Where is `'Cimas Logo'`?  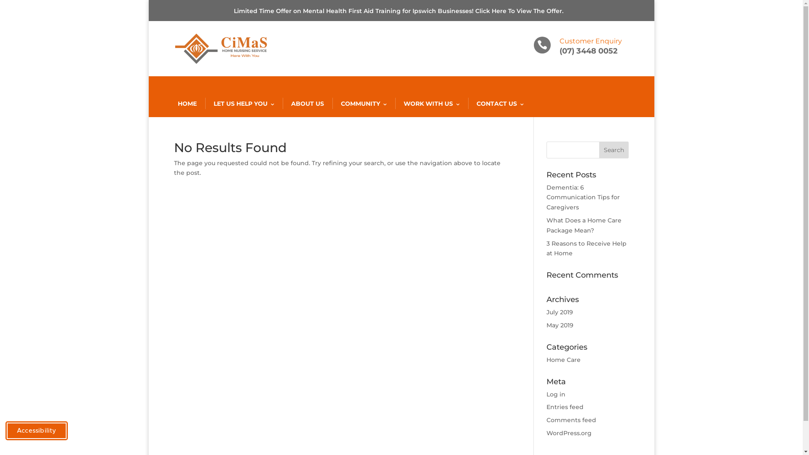 'Cimas Logo' is located at coordinates (173, 48).